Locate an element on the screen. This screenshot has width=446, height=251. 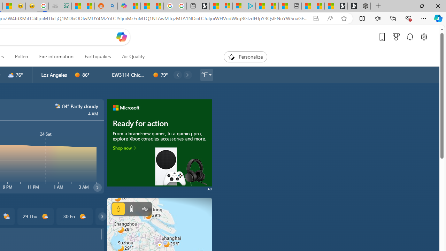
'n2000' is located at coordinates (57, 106).